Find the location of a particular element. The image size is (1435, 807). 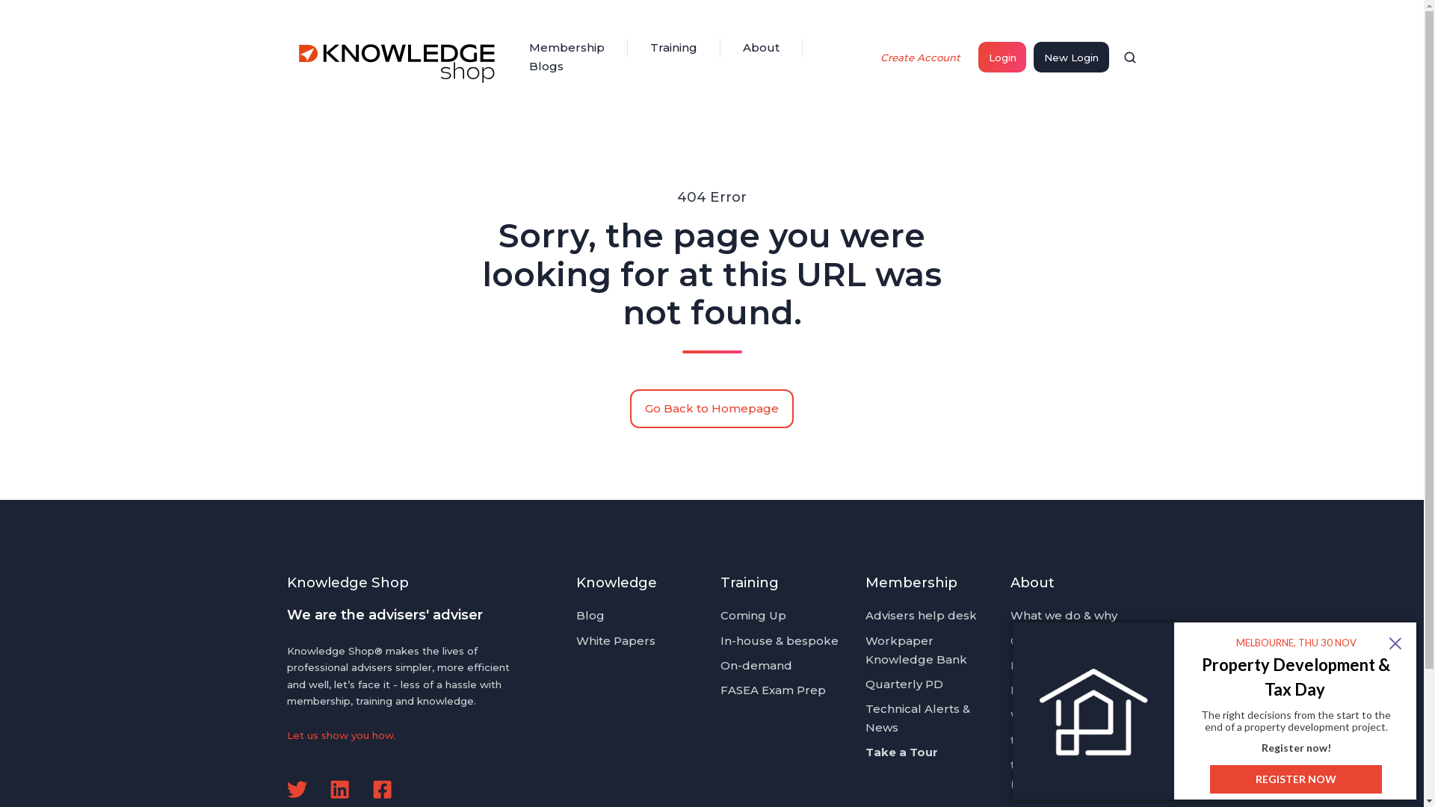

'Coming Up' is located at coordinates (720, 615).